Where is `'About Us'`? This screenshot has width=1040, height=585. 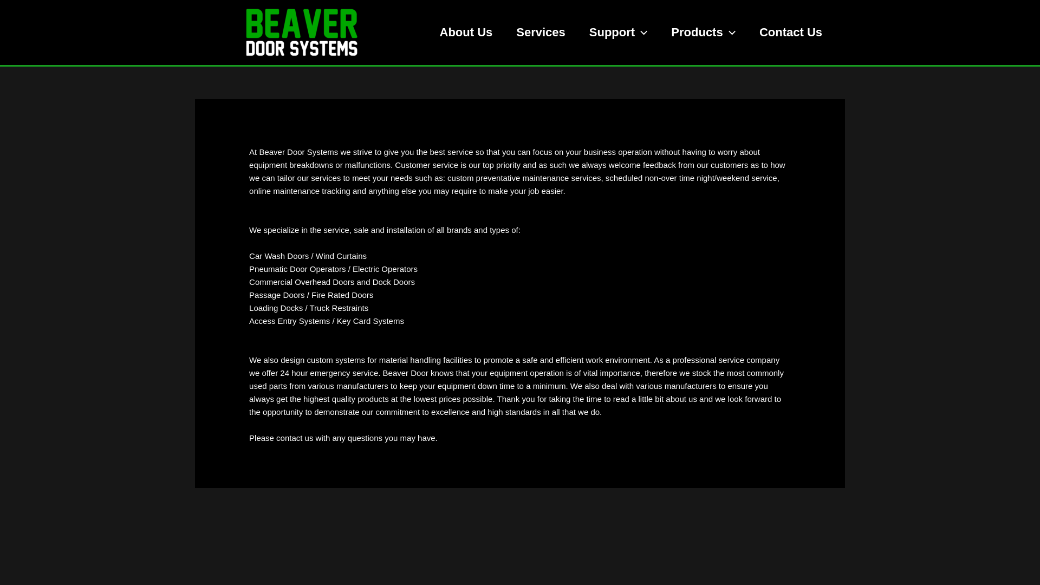
'About Us' is located at coordinates (466, 32).